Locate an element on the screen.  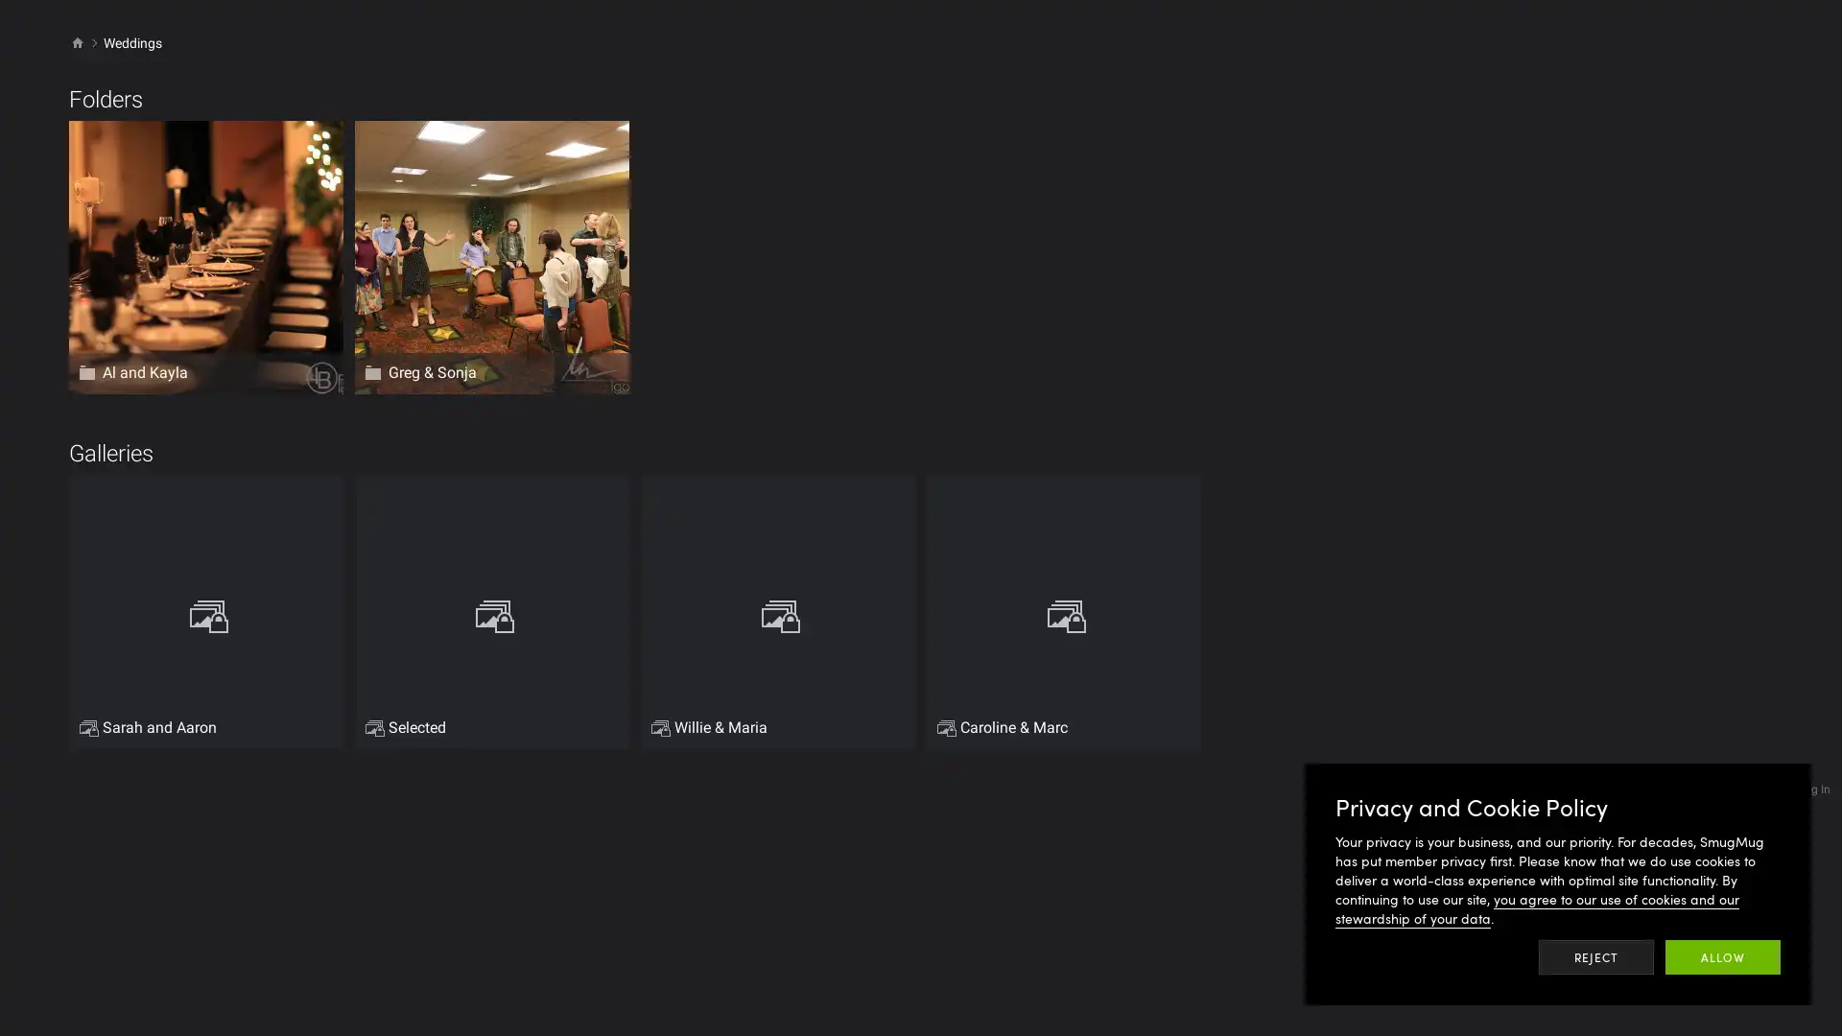
ALLOW is located at coordinates (1722, 957).